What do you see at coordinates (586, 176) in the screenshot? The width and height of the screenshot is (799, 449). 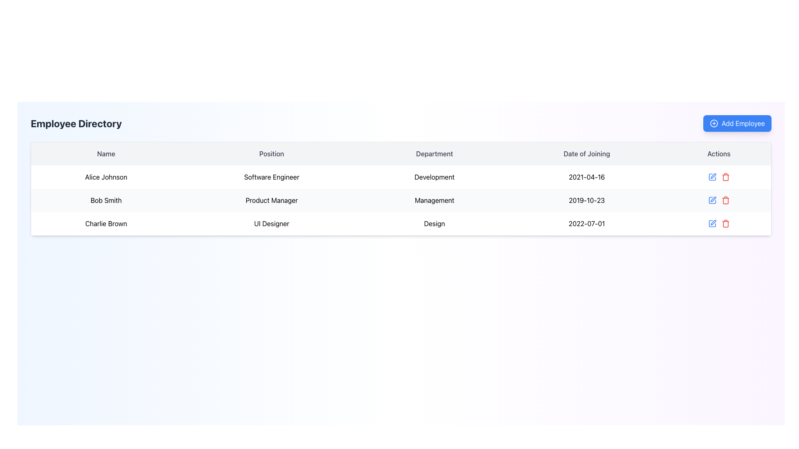 I see `the text element displaying '2021-04-16' located under the 'Date of Joining' column in the row for 'Alice Johnson' by clicking on it to interact with adjacent elements` at bounding box center [586, 176].